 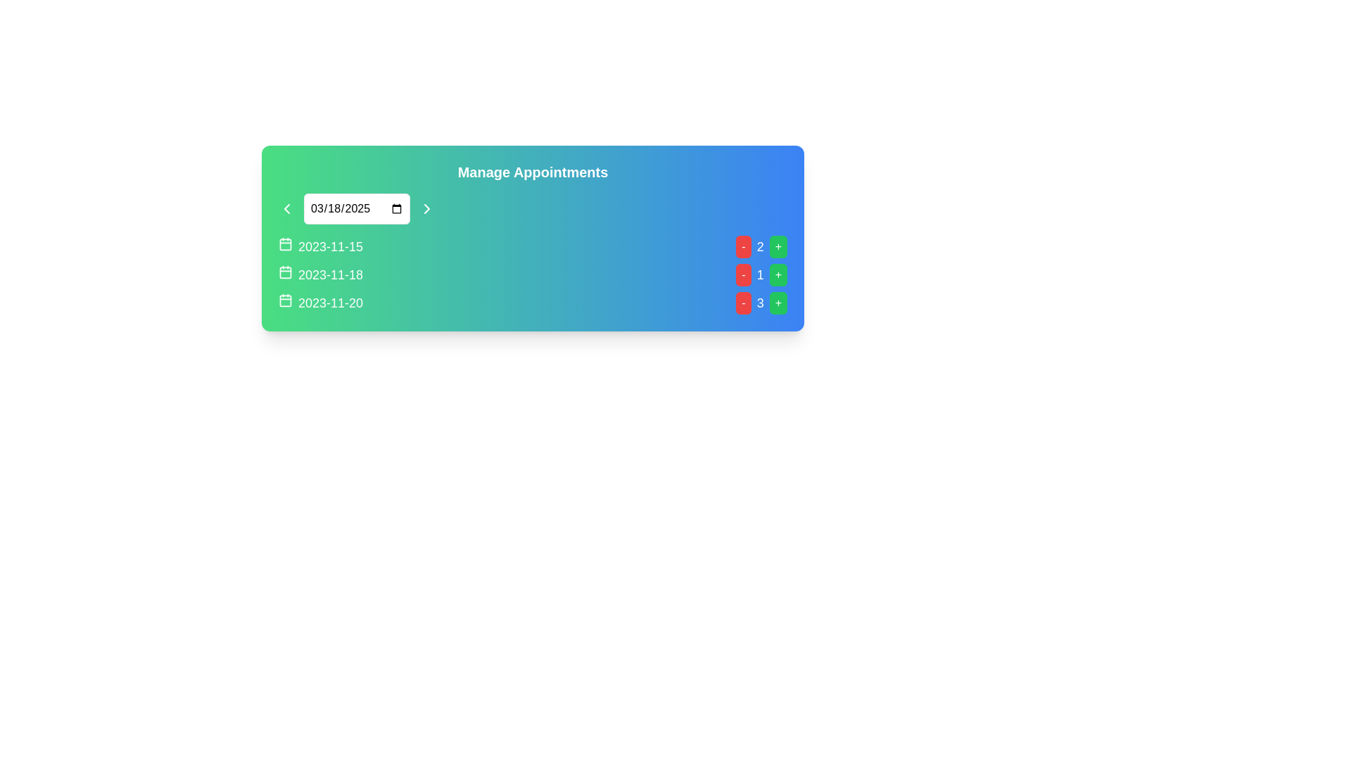 What do you see at coordinates (285, 243) in the screenshot?
I see `the calendar icon which has a white stroke on a green background and is located to the left of the date '2023-11-15'` at bounding box center [285, 243].